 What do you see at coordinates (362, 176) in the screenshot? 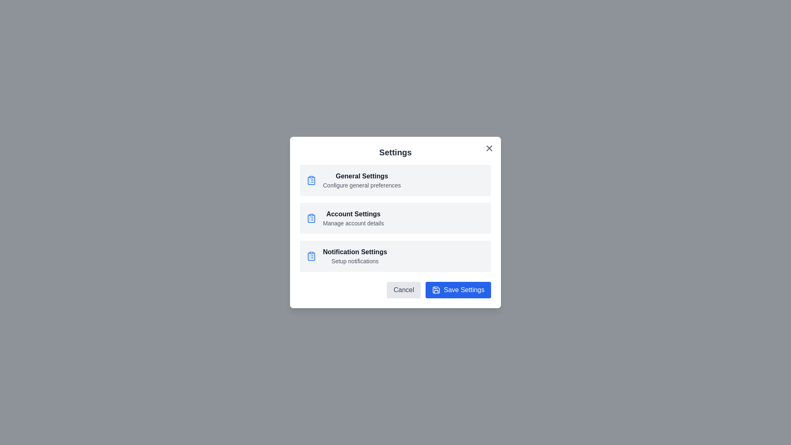
I see `the header text label located at the top of the first option within the 'Settings' modal dialog, which provides context for the associated settings option` at bounding box center [362, 176].